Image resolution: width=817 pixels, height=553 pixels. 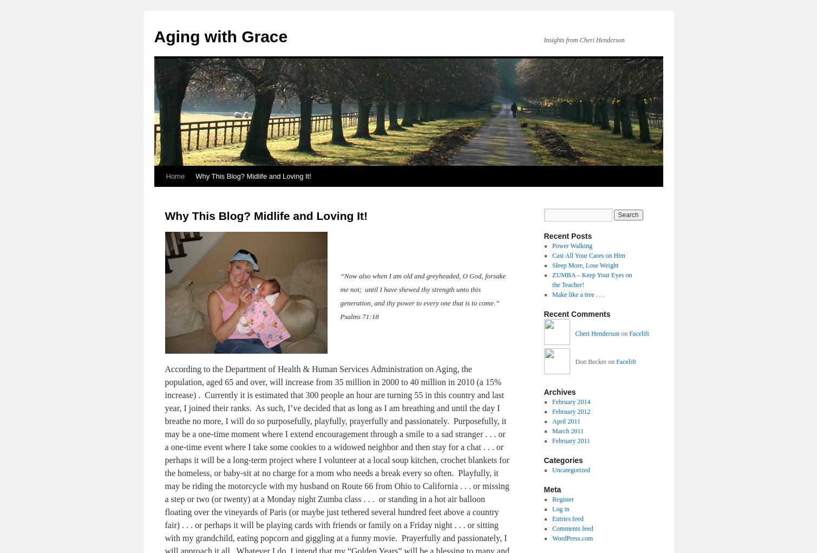 What do you see at coordinates (359, 316) in the screenshot?
I see `'Psalms 71:18'` at bounding box center [359, 316].